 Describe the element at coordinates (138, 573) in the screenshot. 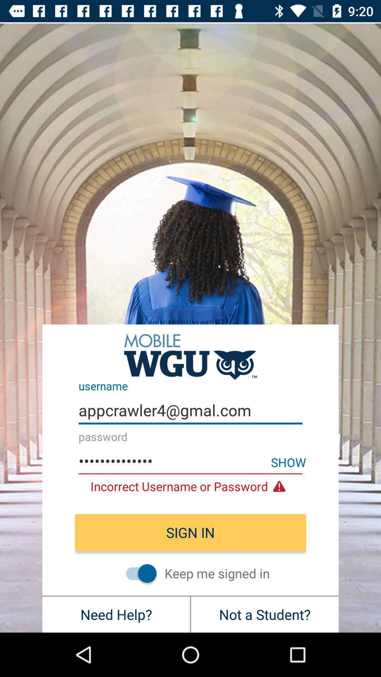

I see `the icon next to keep me signed` at that location.